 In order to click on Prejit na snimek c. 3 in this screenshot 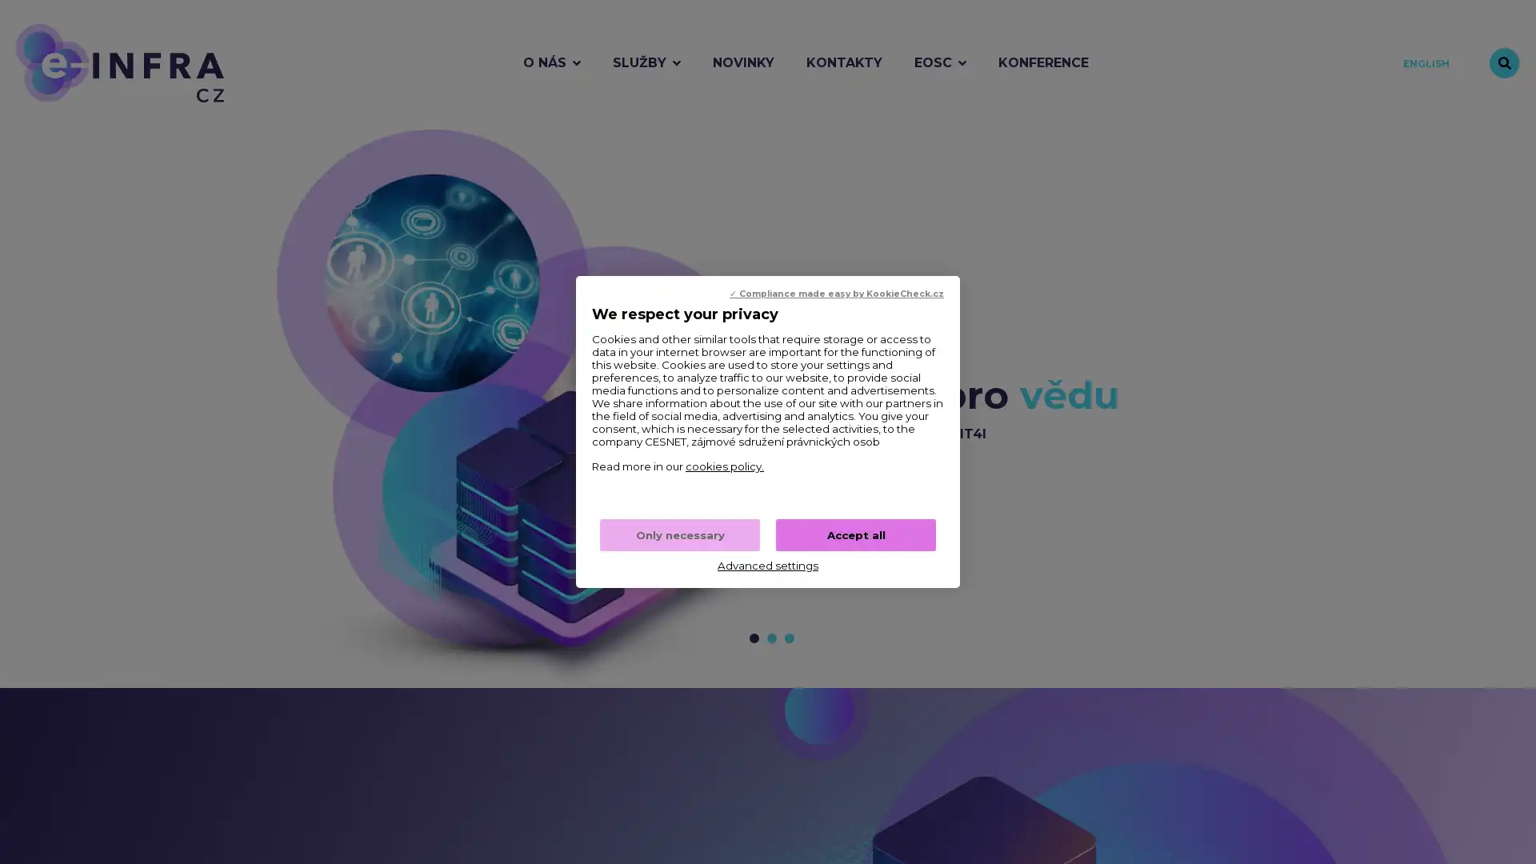, I will do `click(790, 638)`.